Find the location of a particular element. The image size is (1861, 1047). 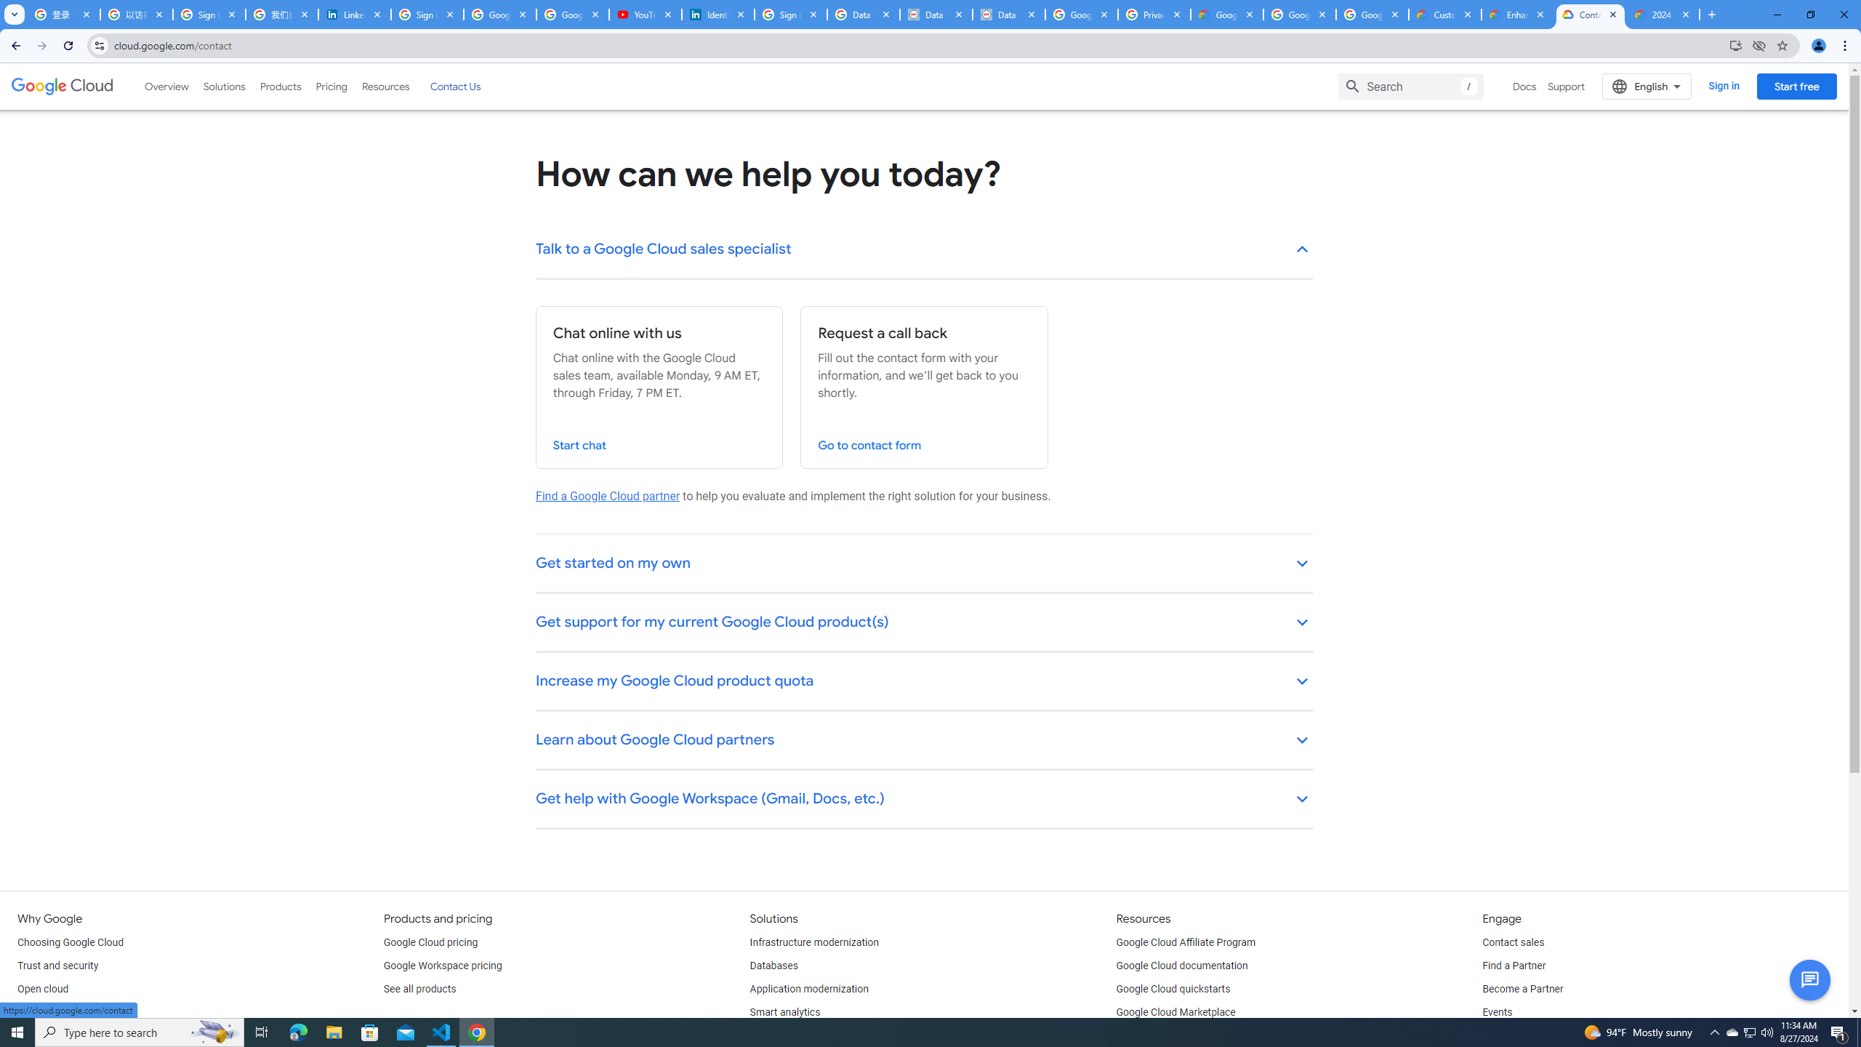

'Search tabs' is located at coordinates (14, 14).